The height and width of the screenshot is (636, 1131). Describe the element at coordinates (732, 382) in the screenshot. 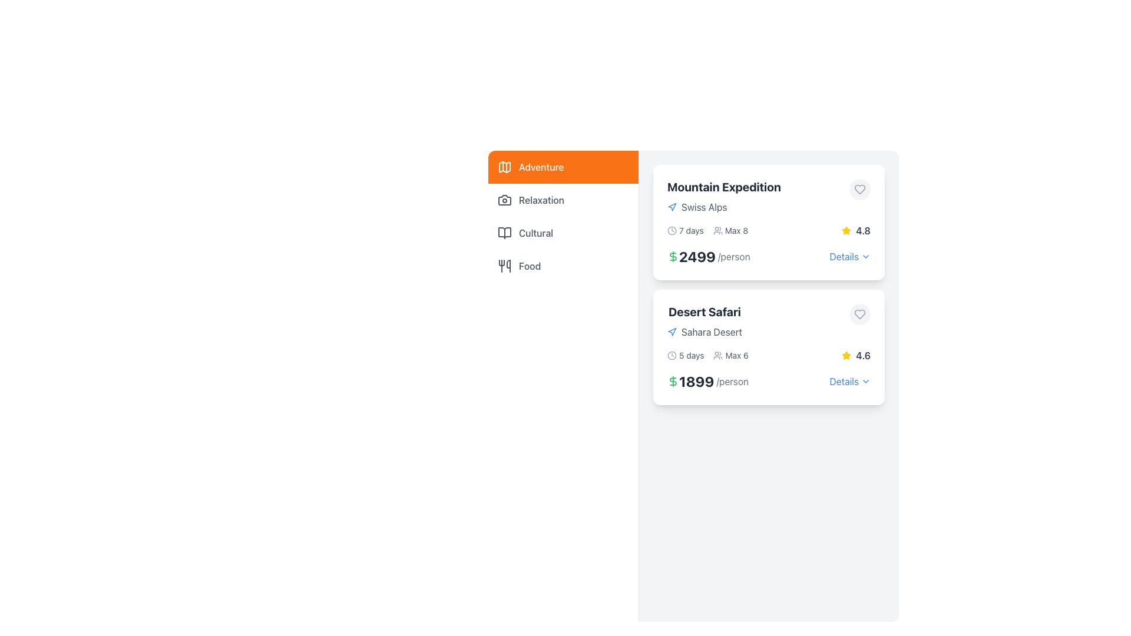

I see `the pricing unit text label located to the right of the price '1899'` at that location.